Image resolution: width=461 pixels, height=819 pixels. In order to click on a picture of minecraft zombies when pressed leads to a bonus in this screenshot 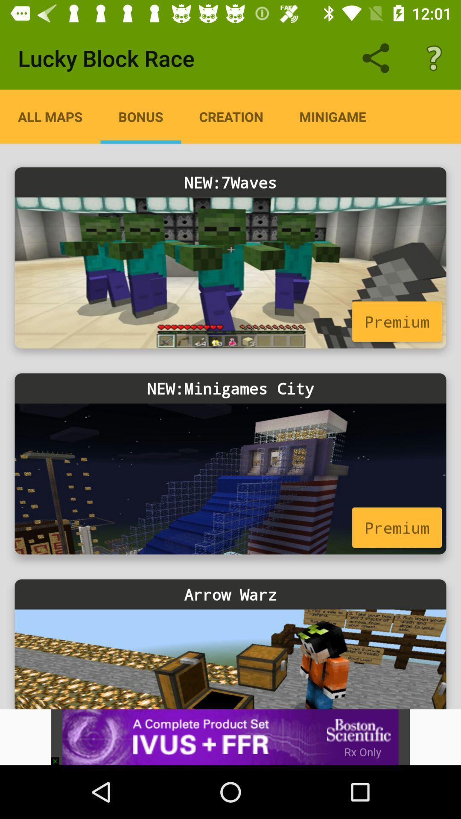, I will do `click(230, 272)`.